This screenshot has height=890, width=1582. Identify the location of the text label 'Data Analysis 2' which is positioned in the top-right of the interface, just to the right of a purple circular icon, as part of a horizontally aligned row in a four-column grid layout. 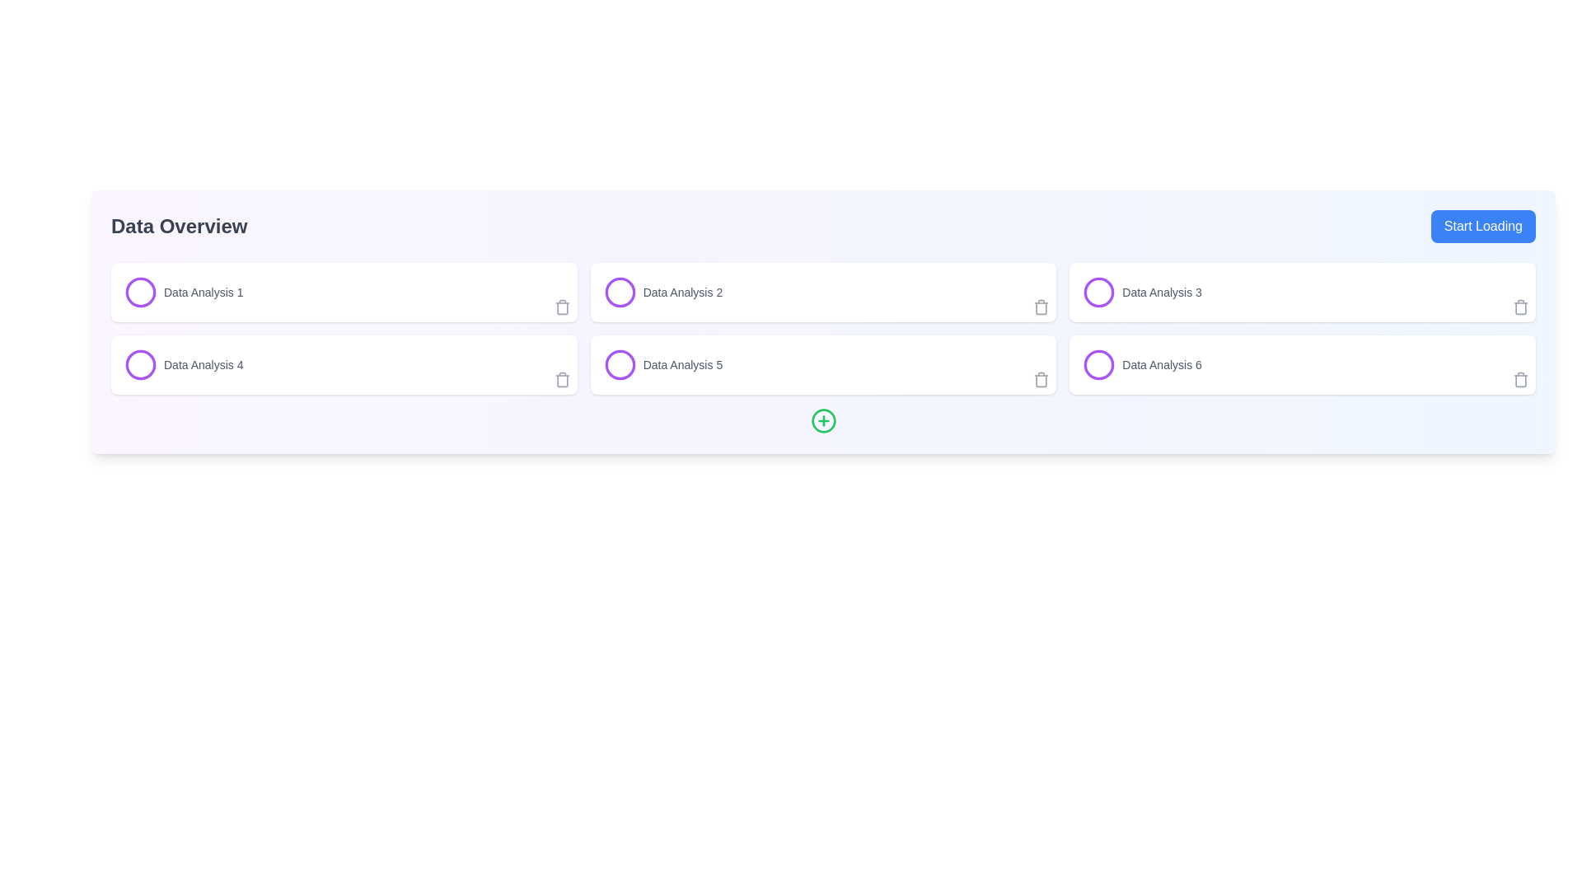
(682, 291).